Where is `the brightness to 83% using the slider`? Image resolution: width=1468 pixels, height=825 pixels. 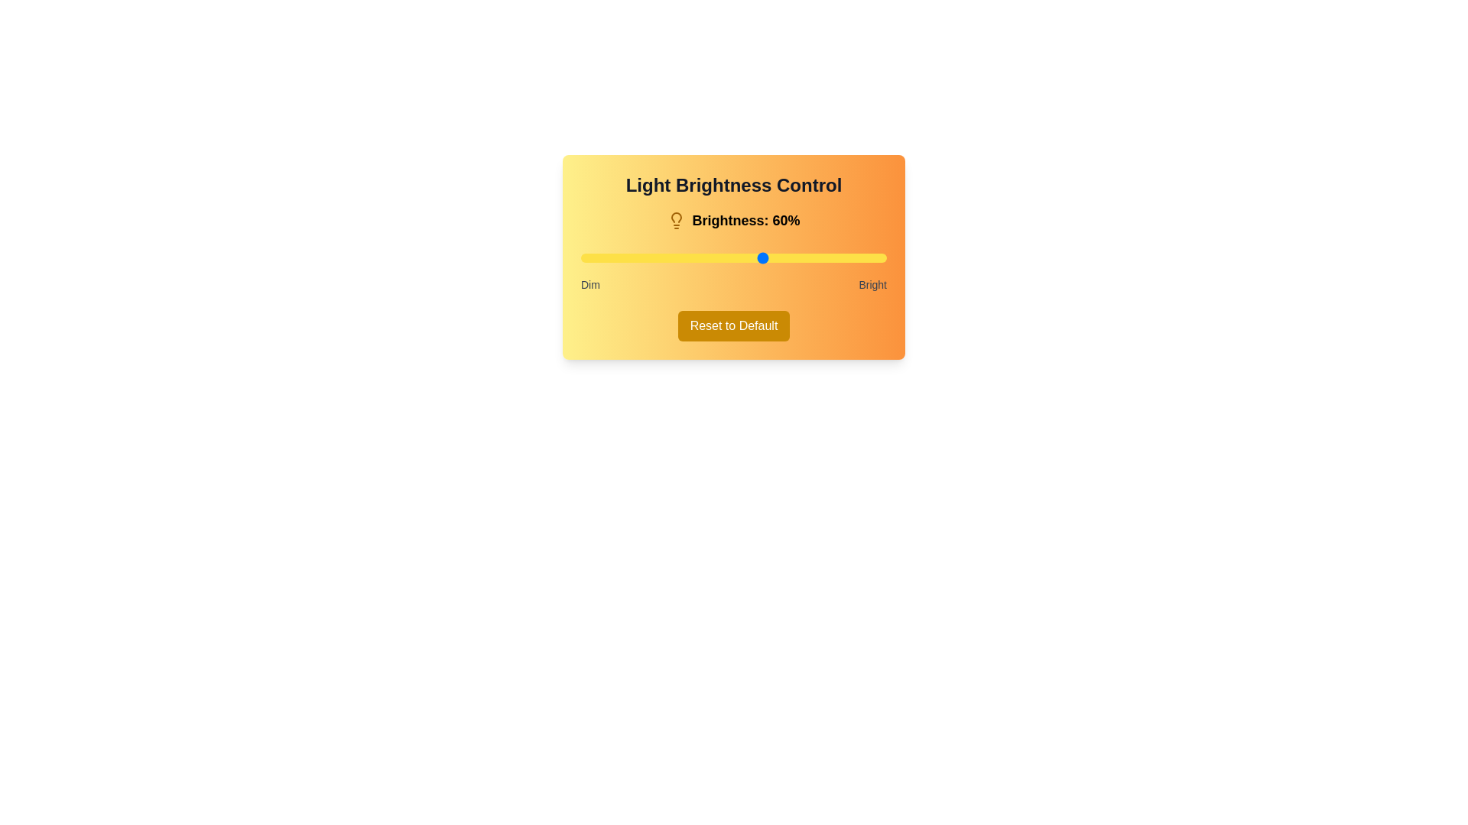
the brightness to 83% using the slider is located at coordinates (833, 257).